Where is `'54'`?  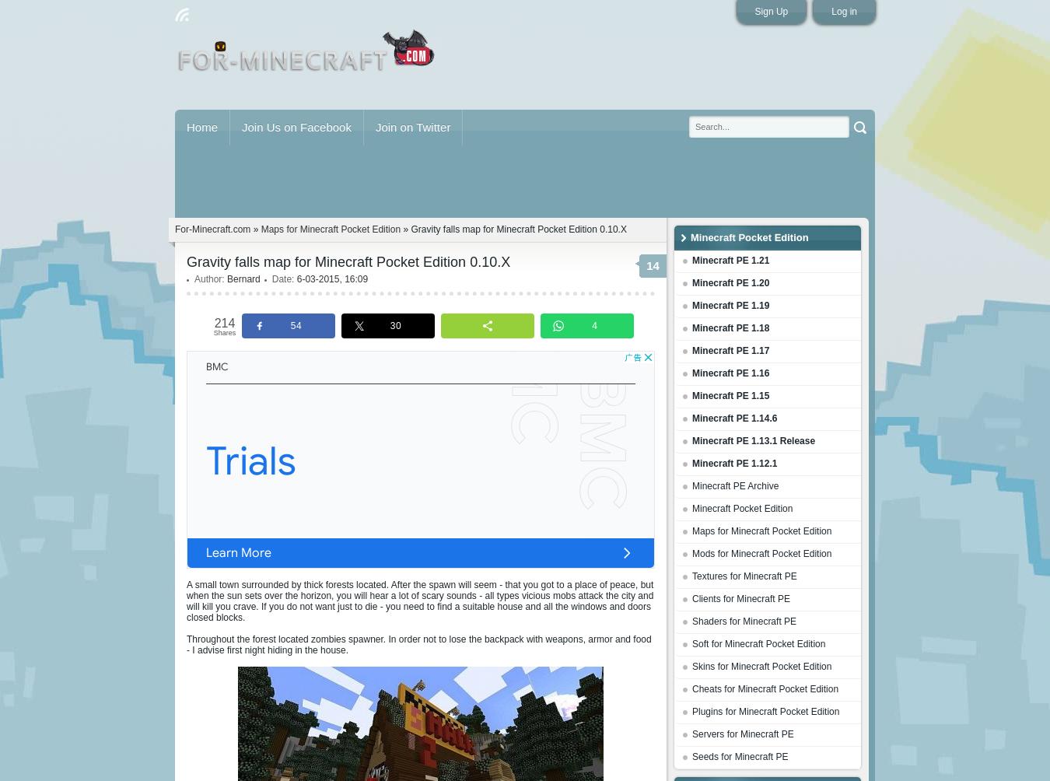 '54' is located at coordinates (296, 324).